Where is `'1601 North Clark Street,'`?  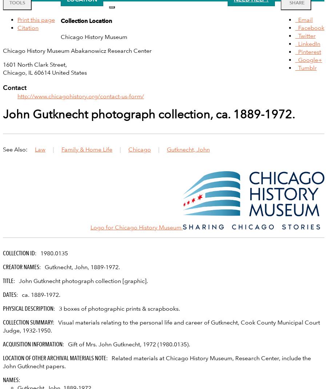 '1601 North Clark Street,' is located at coordinates (35, 64).